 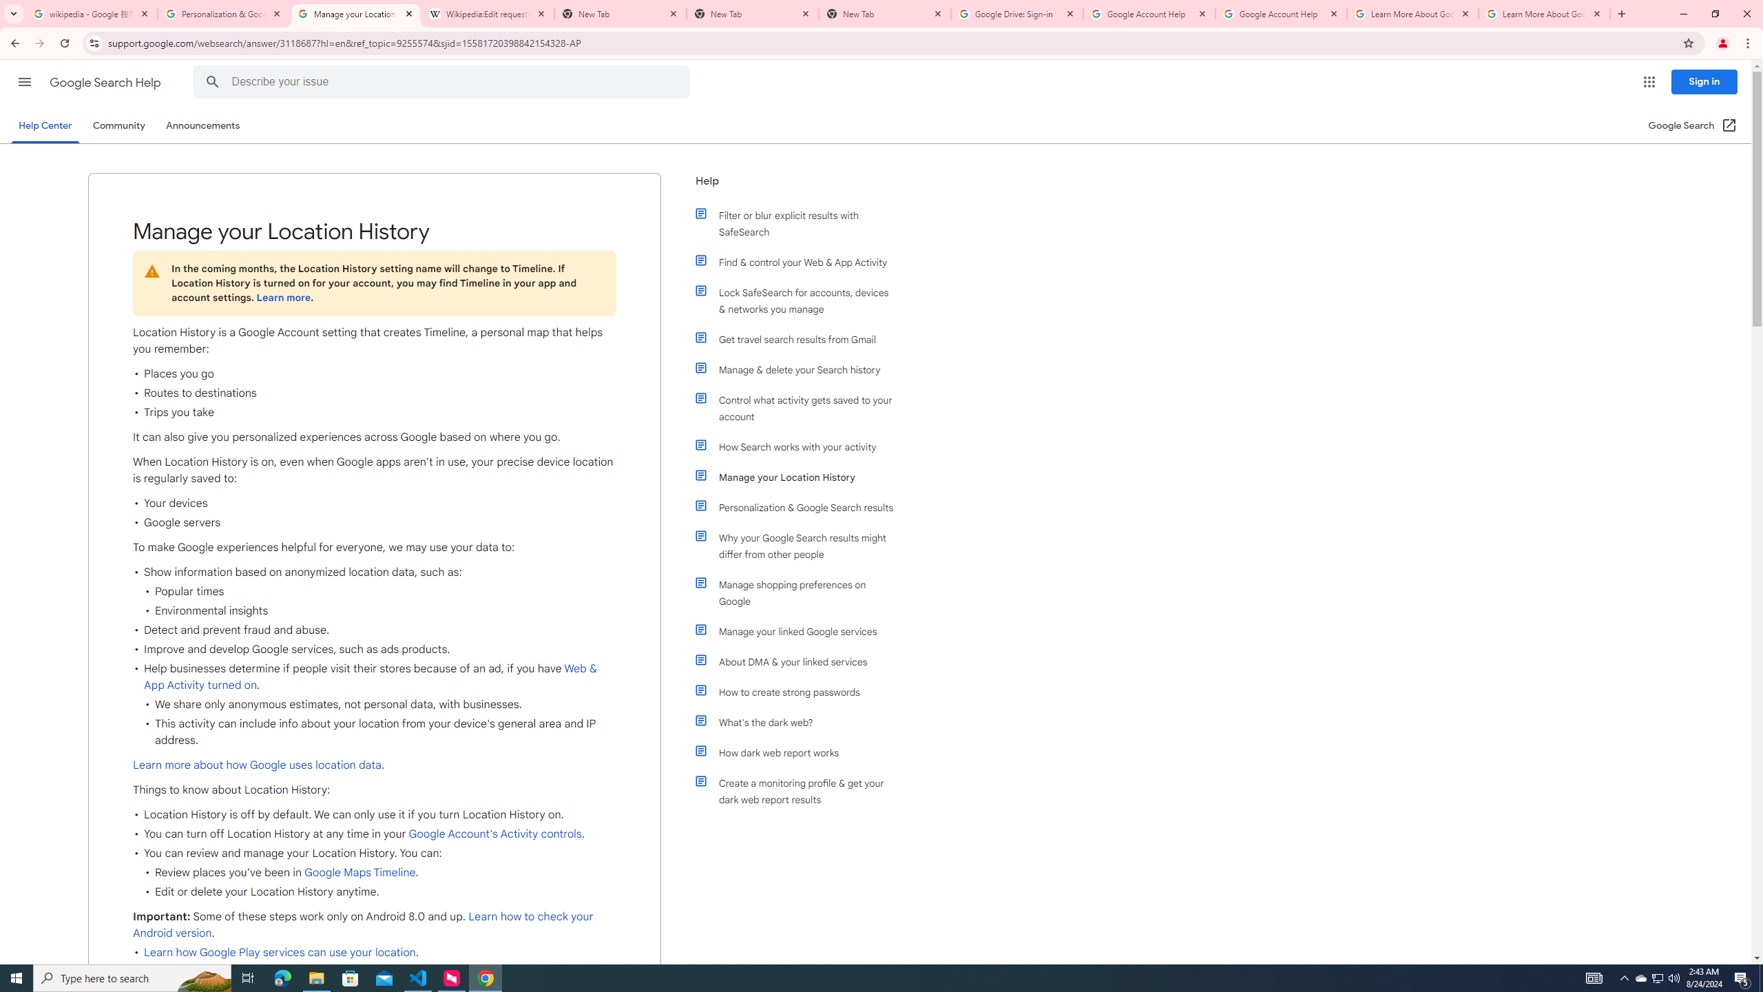 What do you see at coordinates (800, 692) in the screenshot?
I see `'How to create strong passwords'` at bounding box center [800, 692].